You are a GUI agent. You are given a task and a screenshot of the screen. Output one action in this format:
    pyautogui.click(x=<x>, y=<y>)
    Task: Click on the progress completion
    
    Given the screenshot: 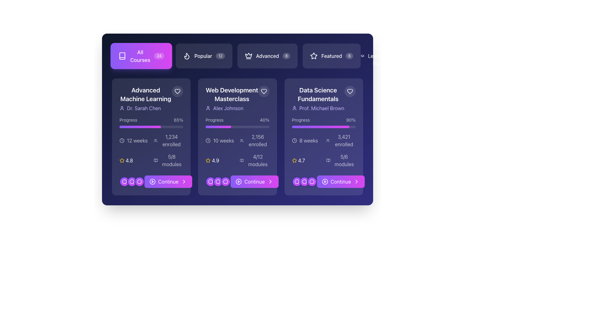 What is the action you would take?
    pyautogui.click(x=182, y=127)
    